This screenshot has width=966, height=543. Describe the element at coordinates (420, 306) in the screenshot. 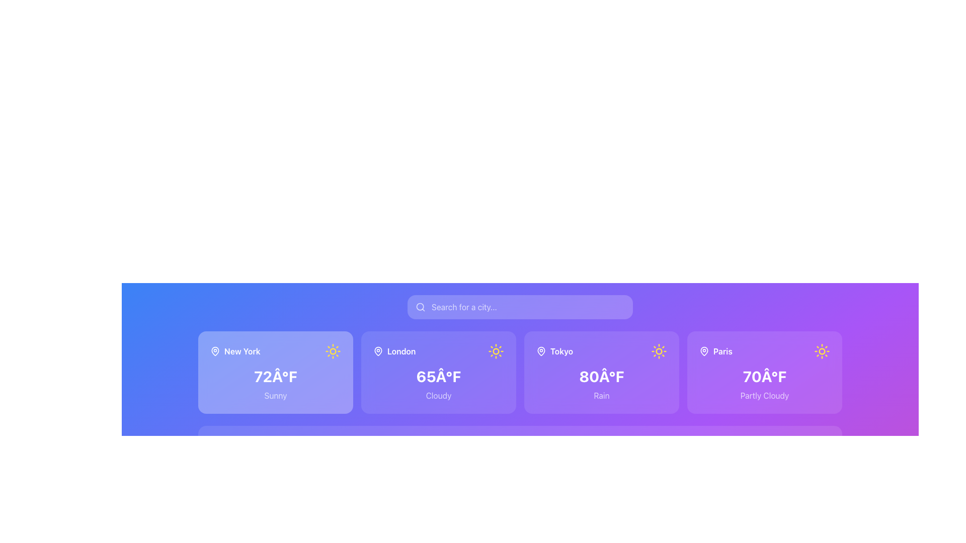

I see `the search icon located on the left edge of the input field at the top of the interface, above the weather cards` at that location.